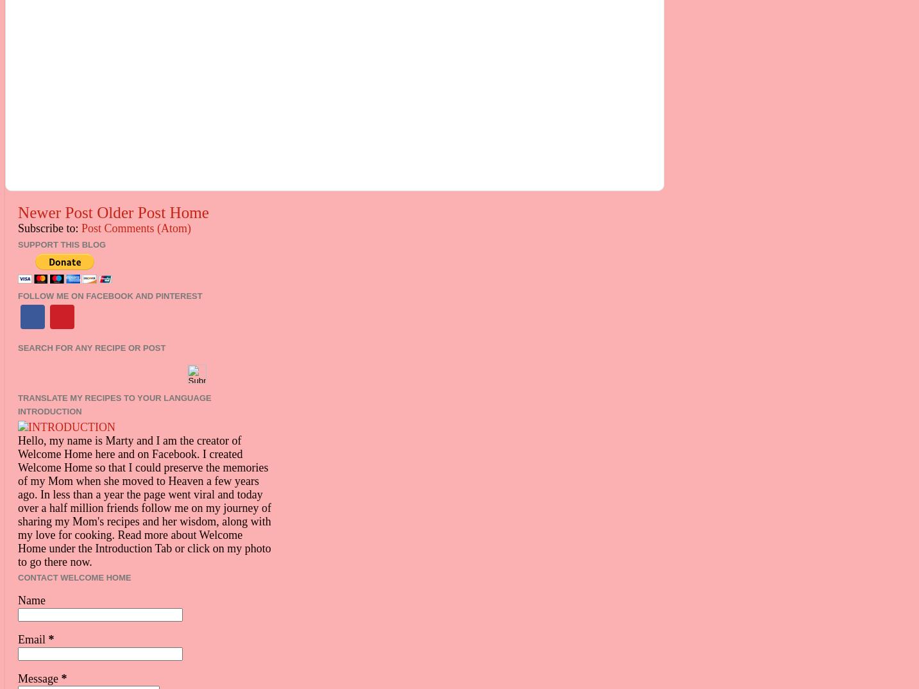 The height and width of the screenshot is (689, 919). I want to click on 'INTRODUCTION', so click(49, 411).